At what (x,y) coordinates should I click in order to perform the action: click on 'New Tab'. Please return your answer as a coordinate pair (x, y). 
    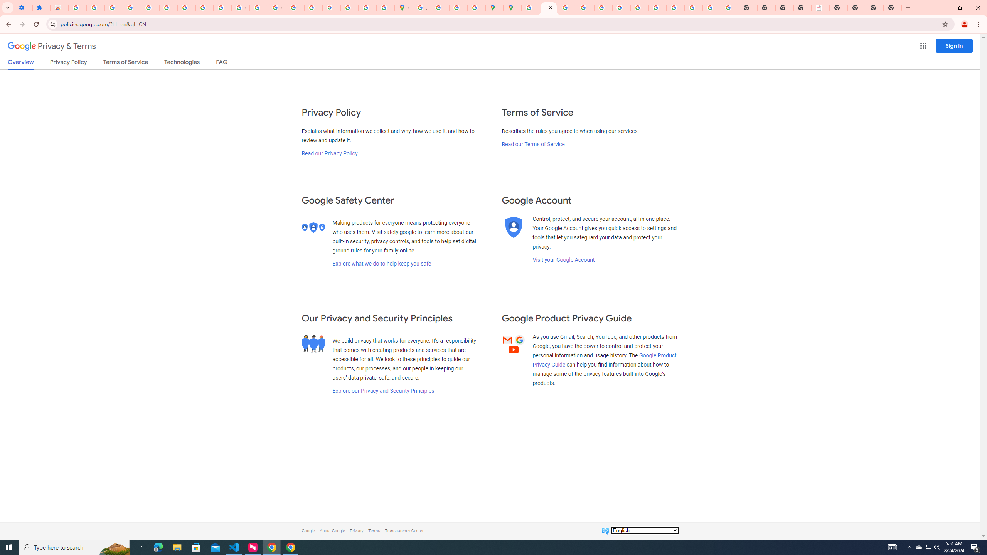
    Looking at the image, I should click on (893, 7).